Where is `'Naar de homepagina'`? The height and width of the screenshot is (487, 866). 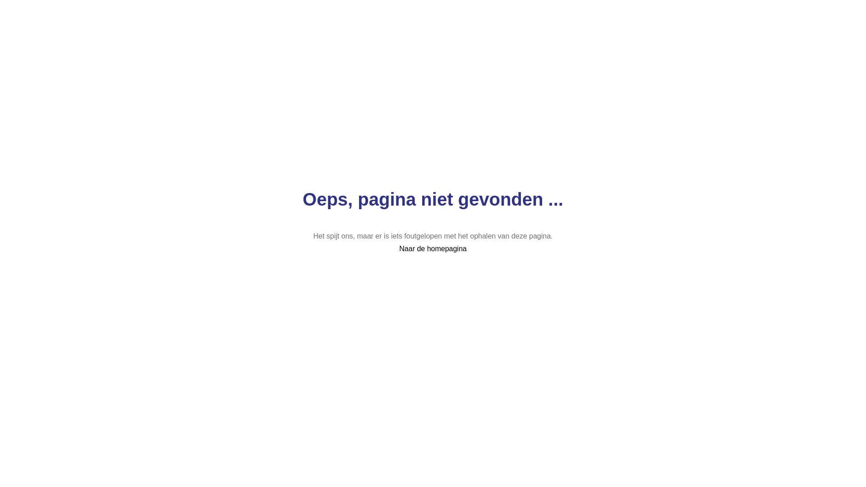 'Naar de homepagina' is located at coordinates (432, 248).